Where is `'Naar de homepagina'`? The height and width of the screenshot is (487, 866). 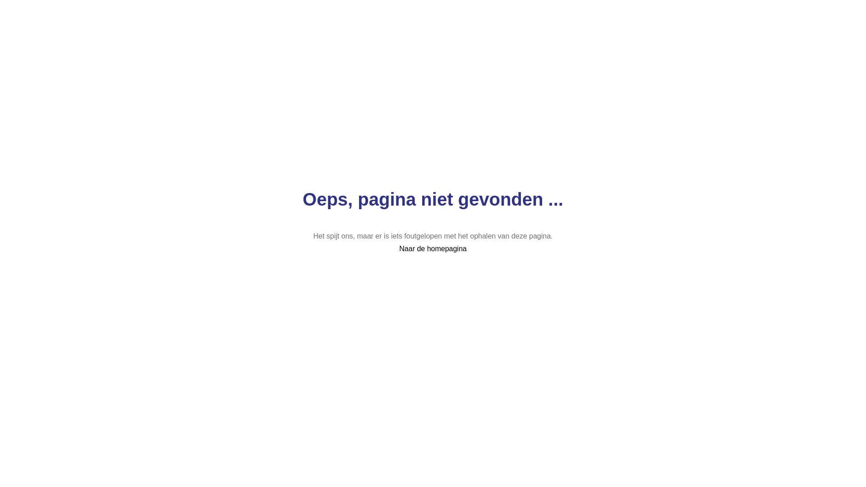 'Naar de homepagina' is located at coordinates (432, 248).